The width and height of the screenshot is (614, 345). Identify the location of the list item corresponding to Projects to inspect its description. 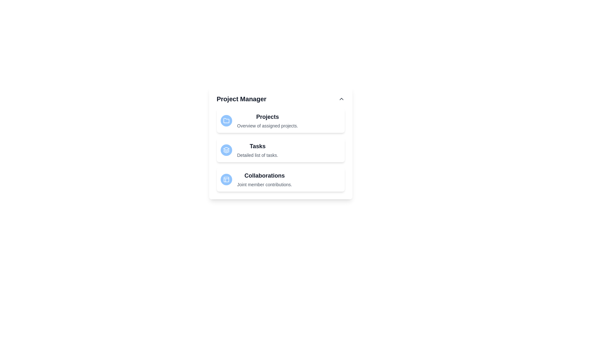
(256, 118).